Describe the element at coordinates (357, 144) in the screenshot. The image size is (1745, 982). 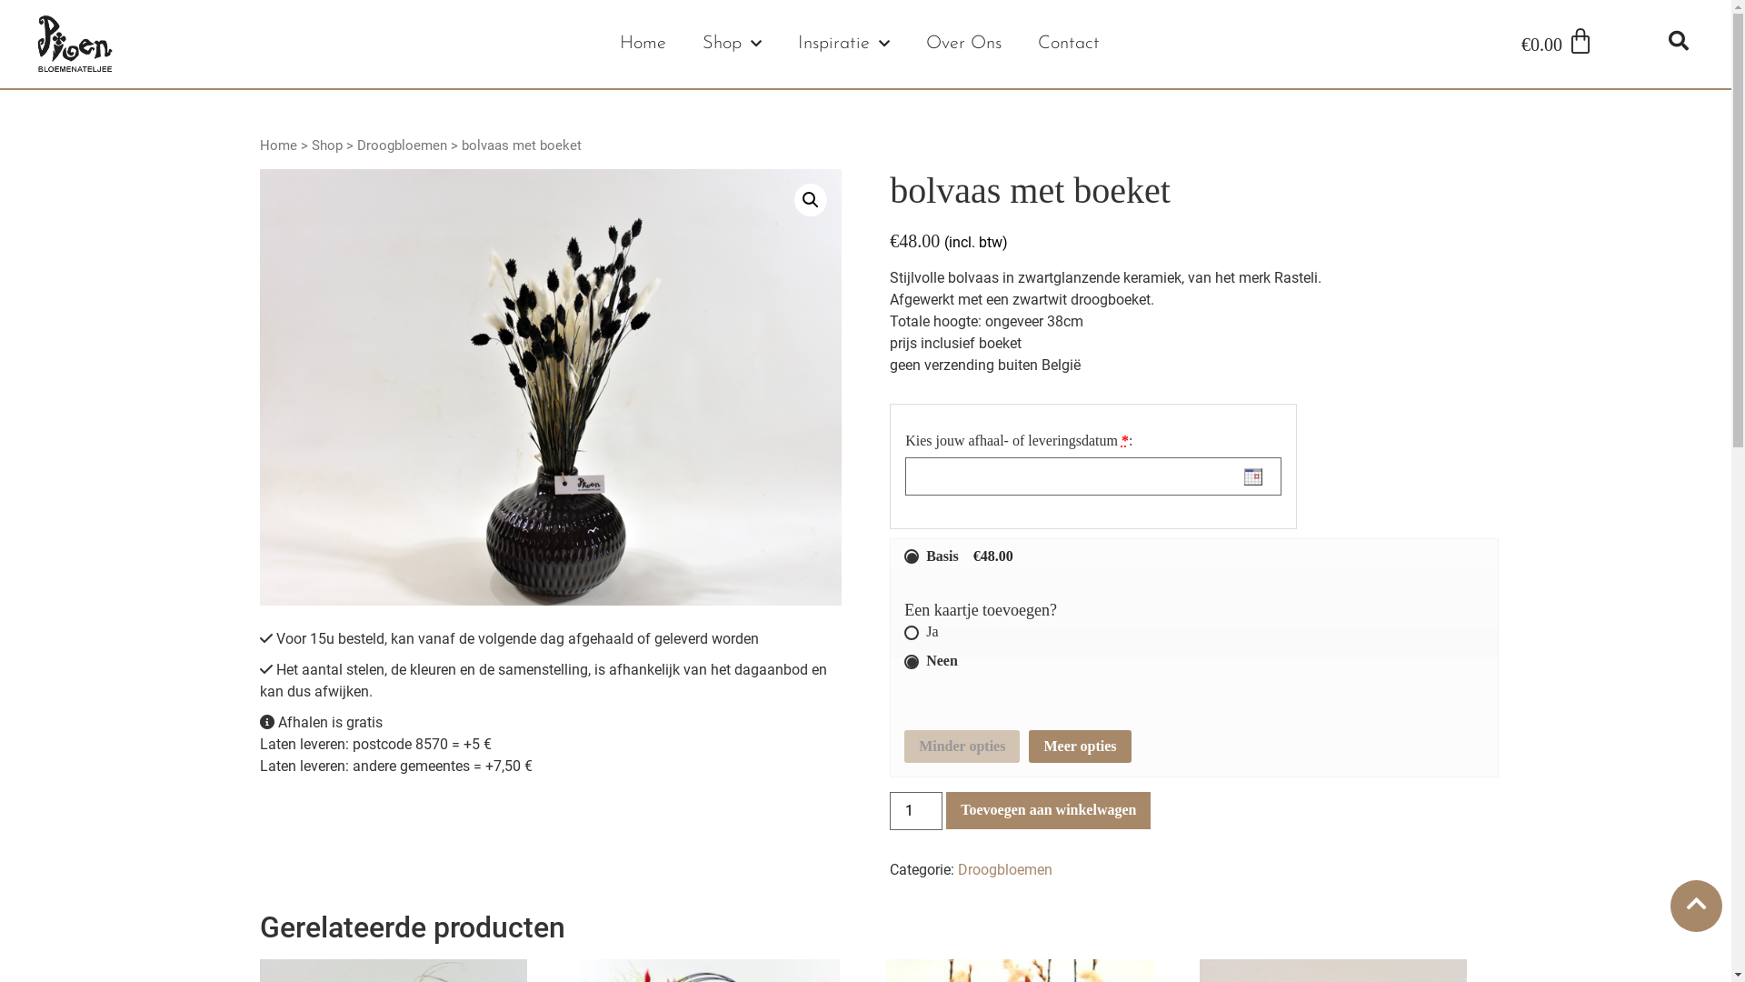
I see `'Droogbloemen'` at that location.